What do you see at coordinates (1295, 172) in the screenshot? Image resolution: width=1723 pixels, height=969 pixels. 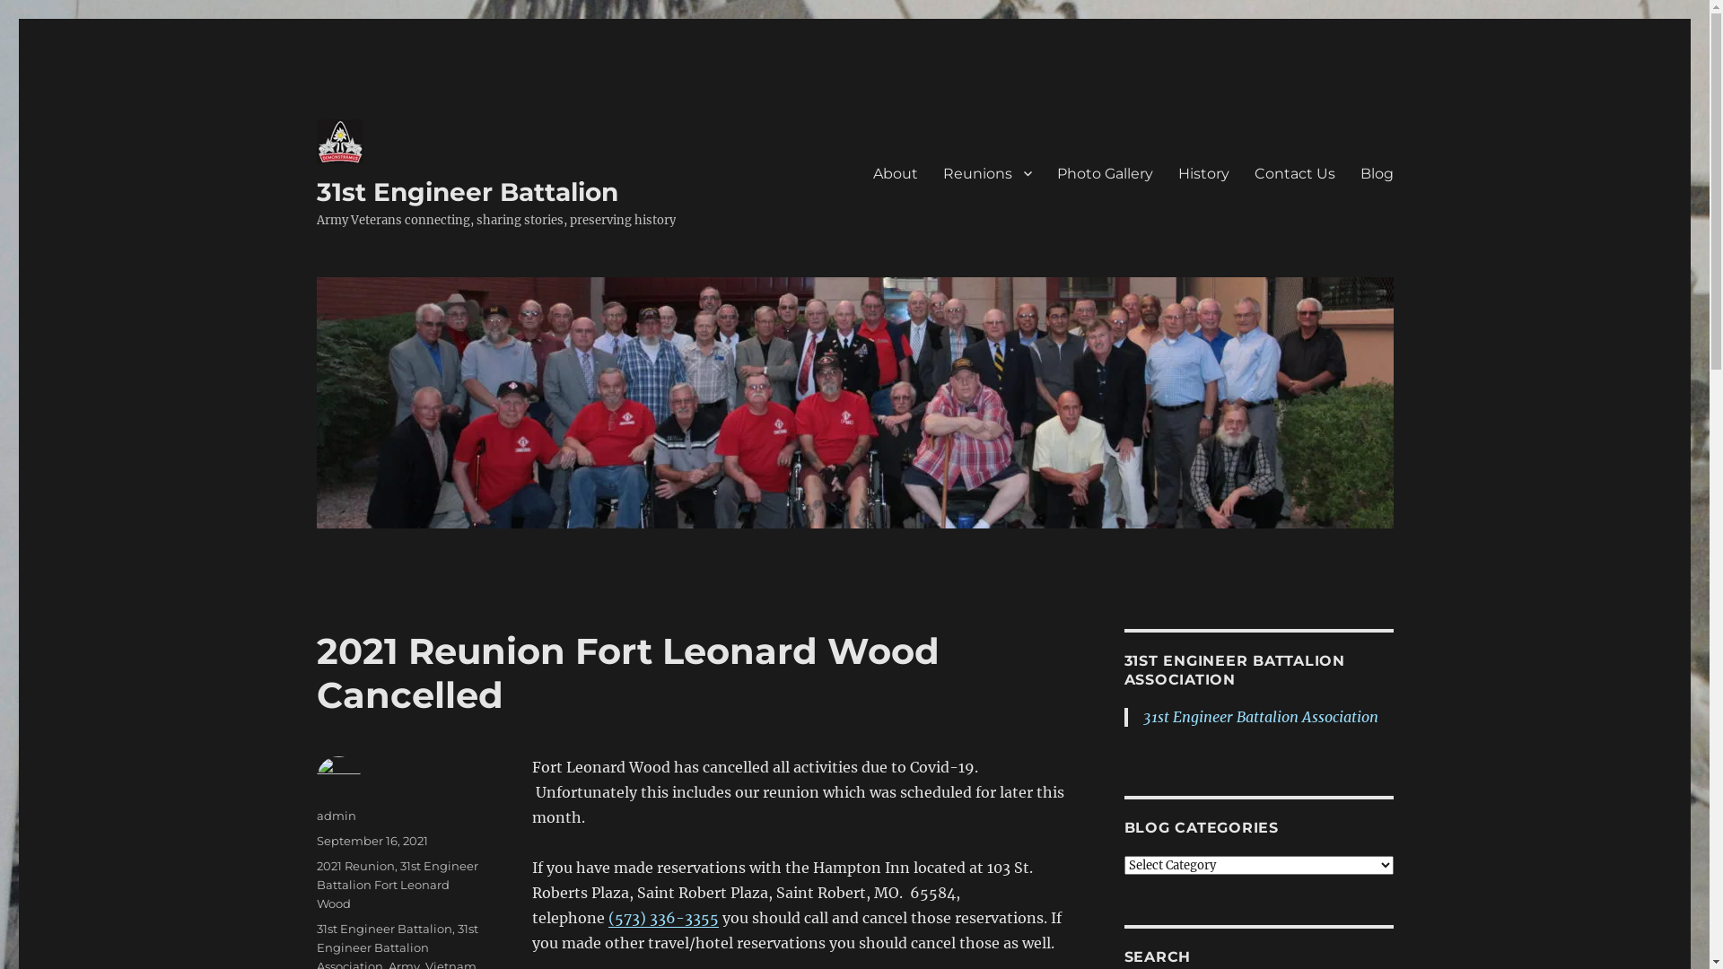 I see `'Contact Us'` at bounding box center [1295, 172].